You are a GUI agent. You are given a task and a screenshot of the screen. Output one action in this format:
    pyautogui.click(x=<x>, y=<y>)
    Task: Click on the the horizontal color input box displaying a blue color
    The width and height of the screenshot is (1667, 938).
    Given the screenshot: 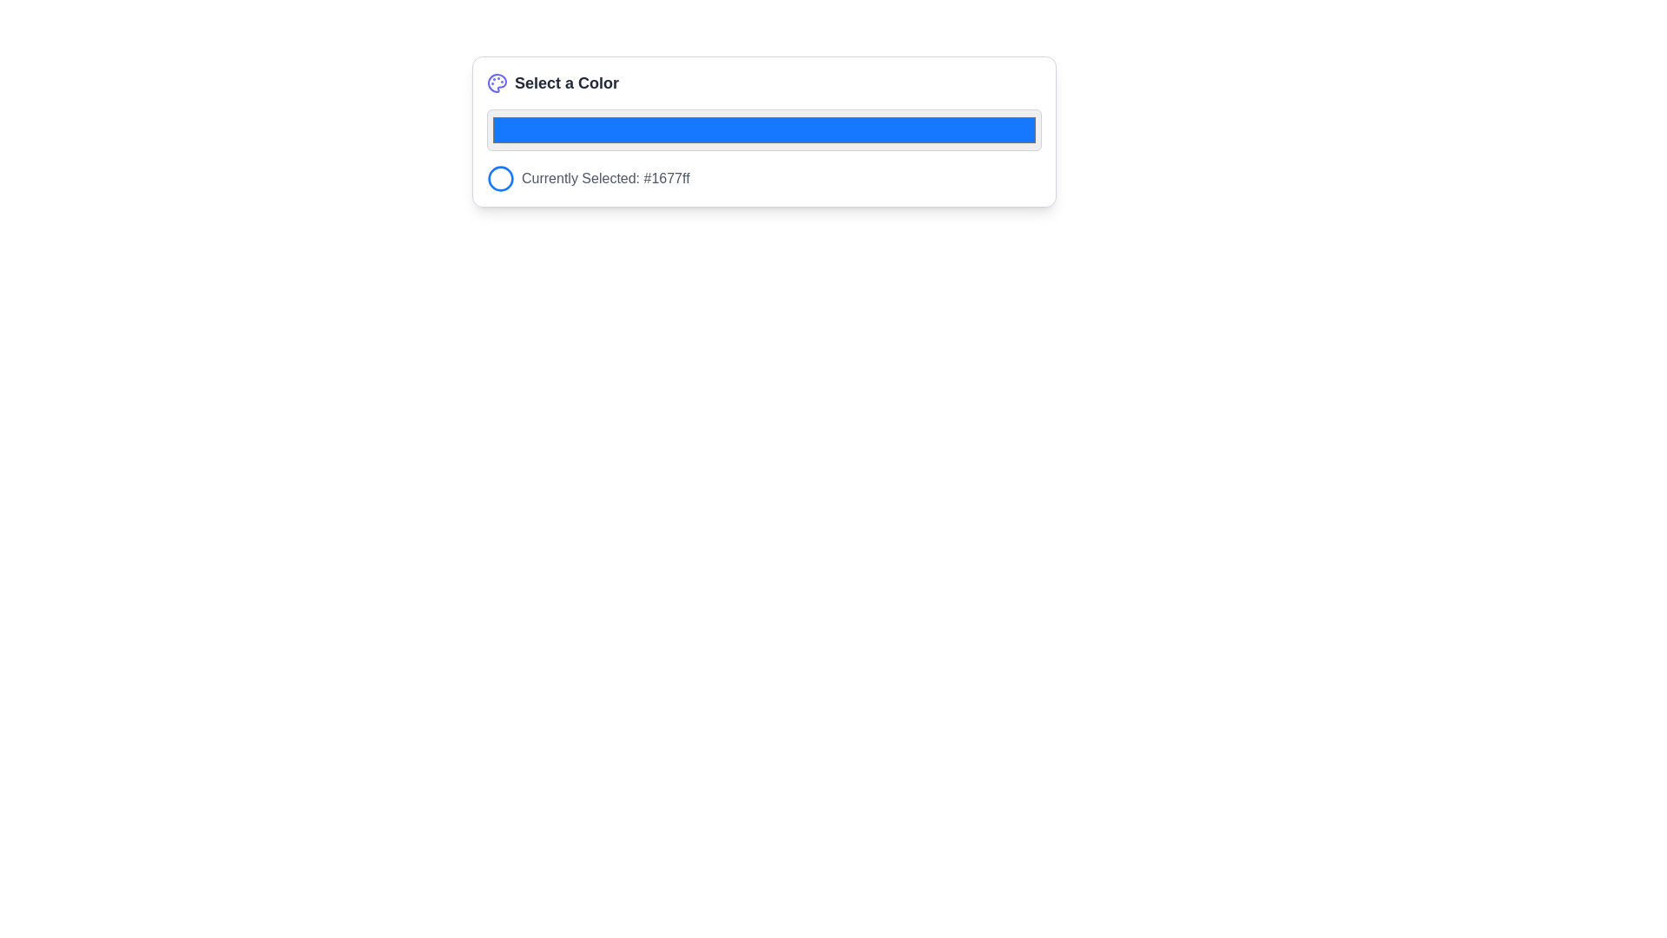 What is the action you would take?
    pyautogui.click(x=764, y=130)
    